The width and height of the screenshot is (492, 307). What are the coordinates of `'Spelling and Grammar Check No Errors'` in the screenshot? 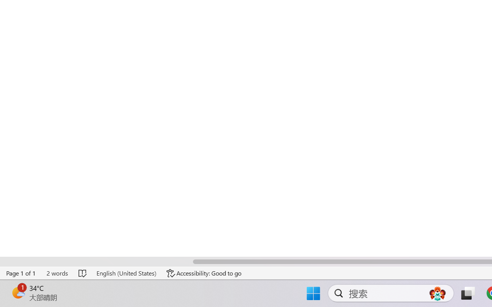 It's located at (83, 273).